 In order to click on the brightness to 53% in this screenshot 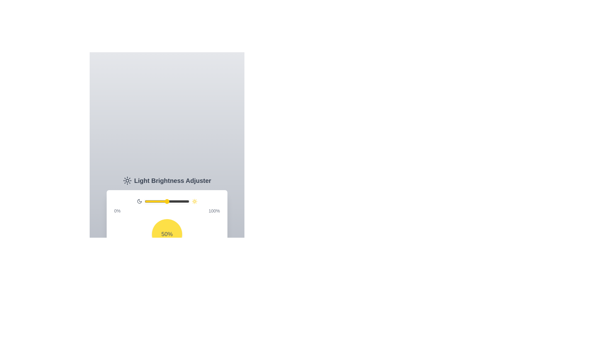, I will do `click(168, 201)`.